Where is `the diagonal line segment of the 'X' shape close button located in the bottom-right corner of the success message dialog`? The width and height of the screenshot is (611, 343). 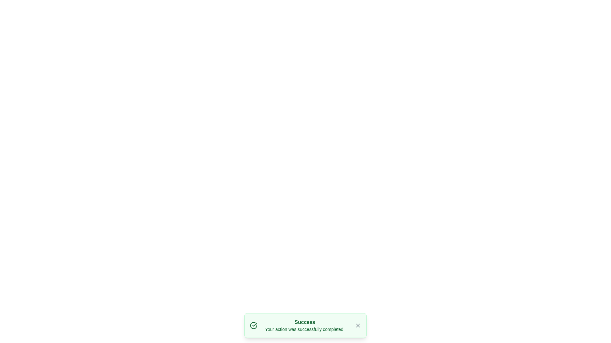
the diagonal line segment of the 'X' shape close button located in the bottom-right corner of the success message dialog is located at coordinates (358, 326).